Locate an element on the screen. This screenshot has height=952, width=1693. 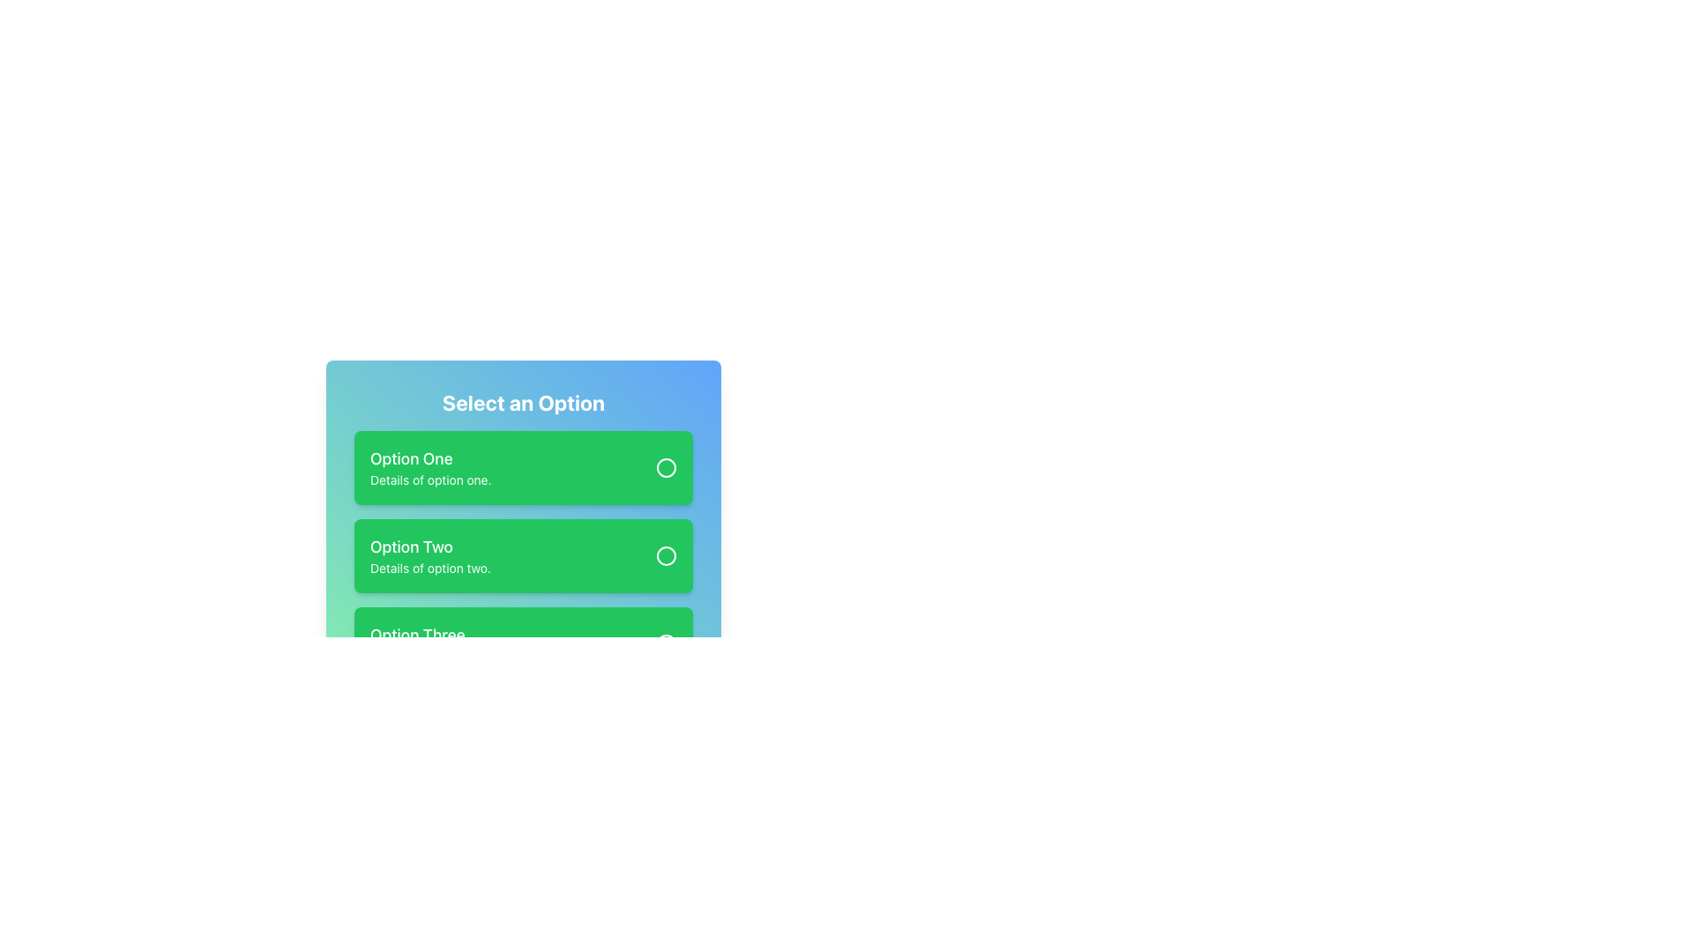
text from the text label labeled 'Option Three' which is styled bold and larger, aligned to the left on a green background is located at coordinates (435, 636).